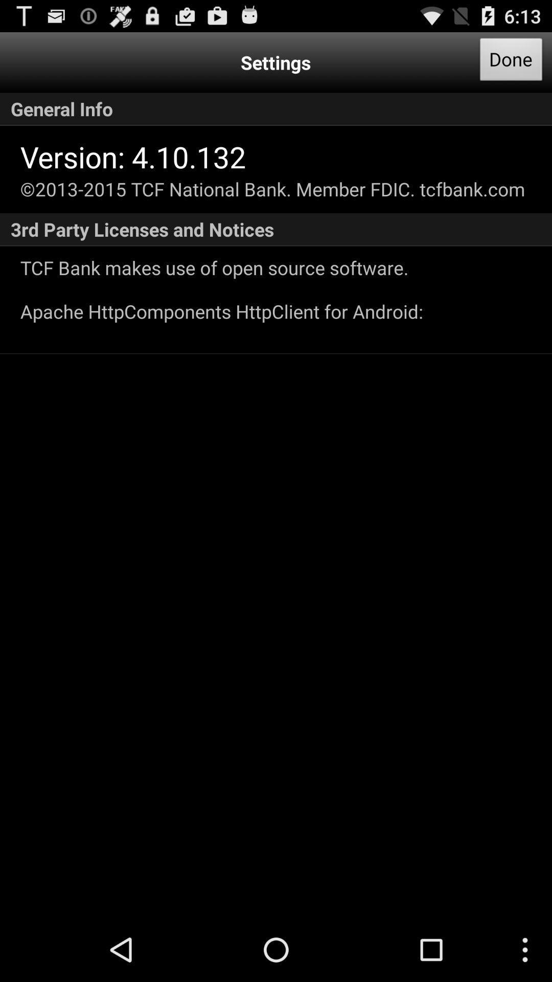 The width and height of the screenshot is (552, 982). What do you see at coordinates (272, 189) in the screenshot?
I see `the icon below the version 4 10 app` at bounding box center [272, 189].